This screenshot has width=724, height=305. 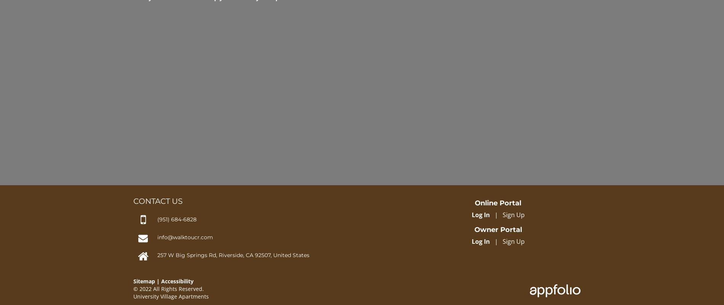 What do you see at coordinates (160, 281) in the screenshot?
I see `'Accessibility'` at bounding box center [160, 281].